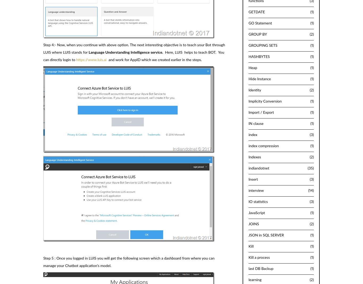 This screenshot has width=363, height=284. I want to click on 'Hide Instance', so click(259, 78).